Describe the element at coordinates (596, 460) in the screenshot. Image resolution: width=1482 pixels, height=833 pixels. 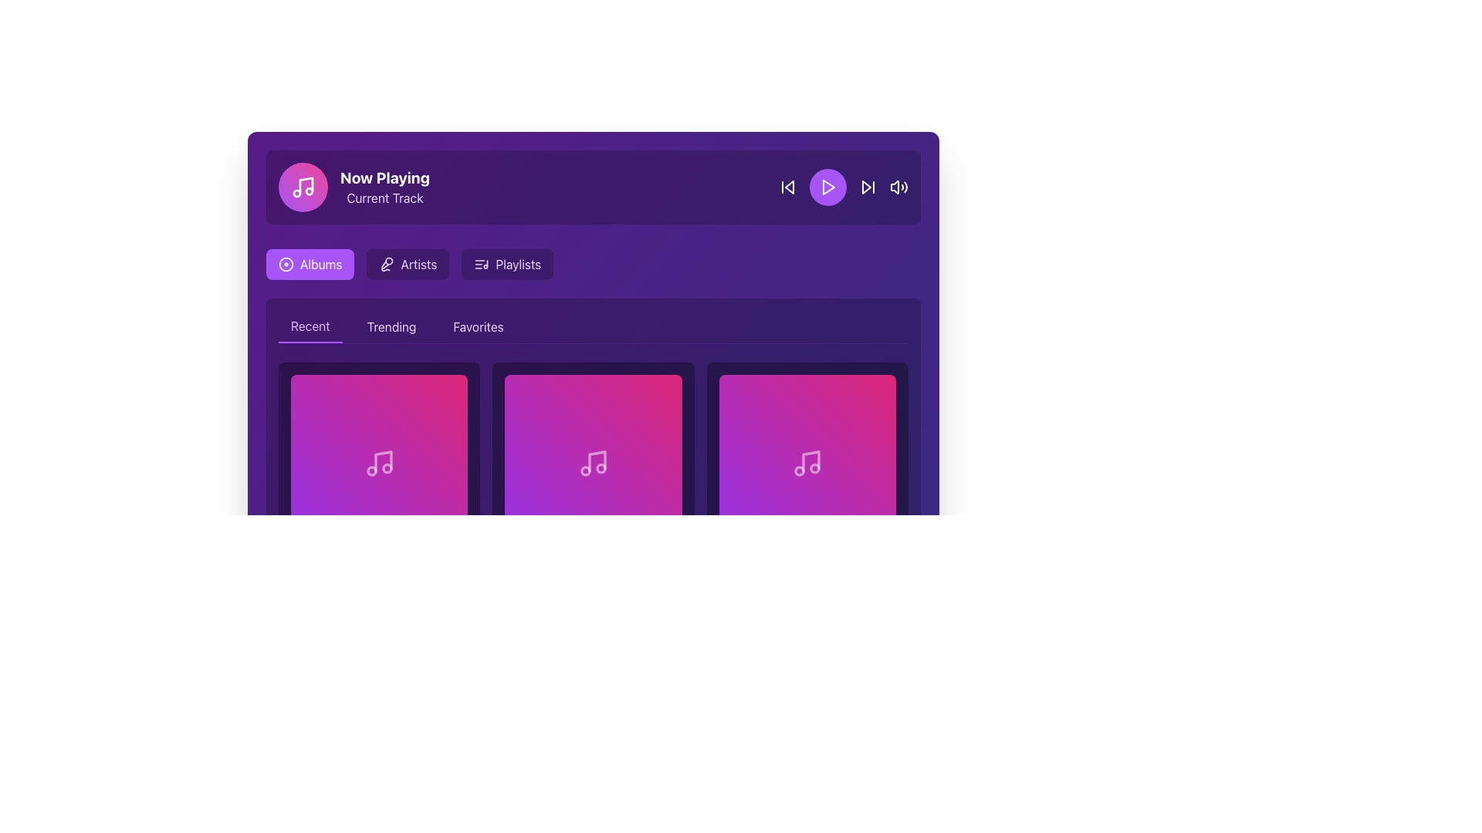
I see `the vertical line element resembling a musical note's stem and flag within the preview card` at that location.